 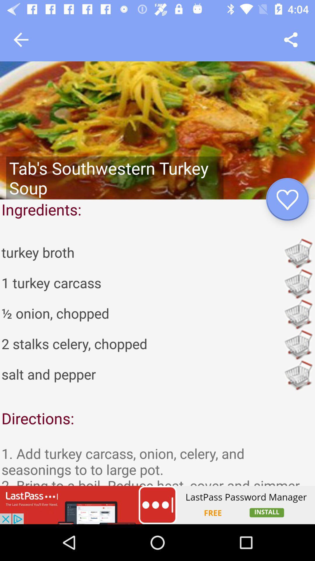 I want to click on go back, so click(x=21, y=39).